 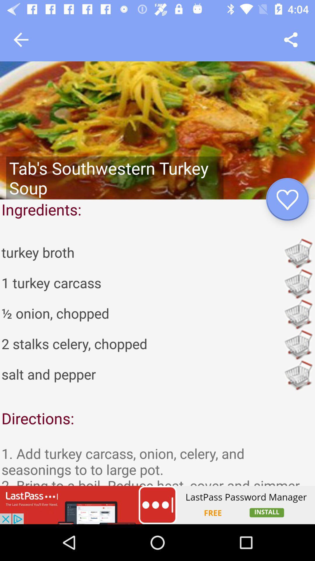 I want to click on go back, so click(x=21, y=39).